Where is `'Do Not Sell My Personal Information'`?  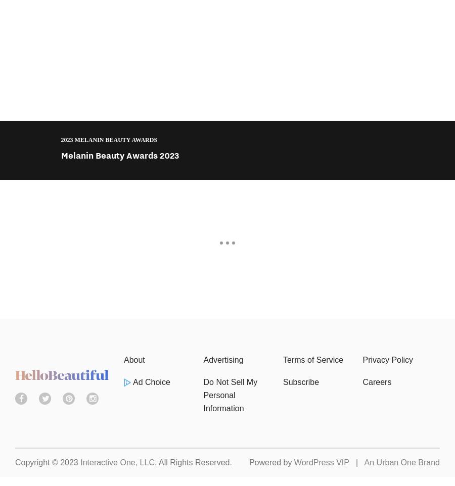
'Do Not Sell My Personal Information' is located at coordinates (230, 395).